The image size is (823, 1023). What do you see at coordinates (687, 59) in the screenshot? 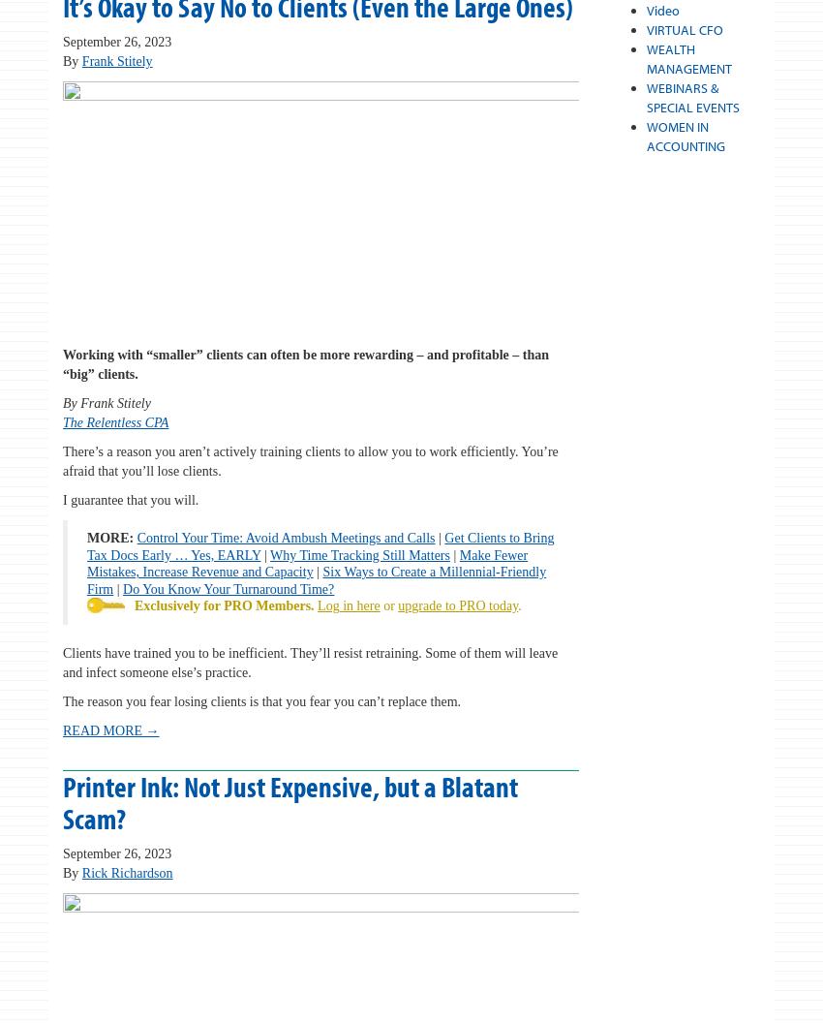
I see `'WEALTH MANAGEMENT'` at bounding box center [687, 59].